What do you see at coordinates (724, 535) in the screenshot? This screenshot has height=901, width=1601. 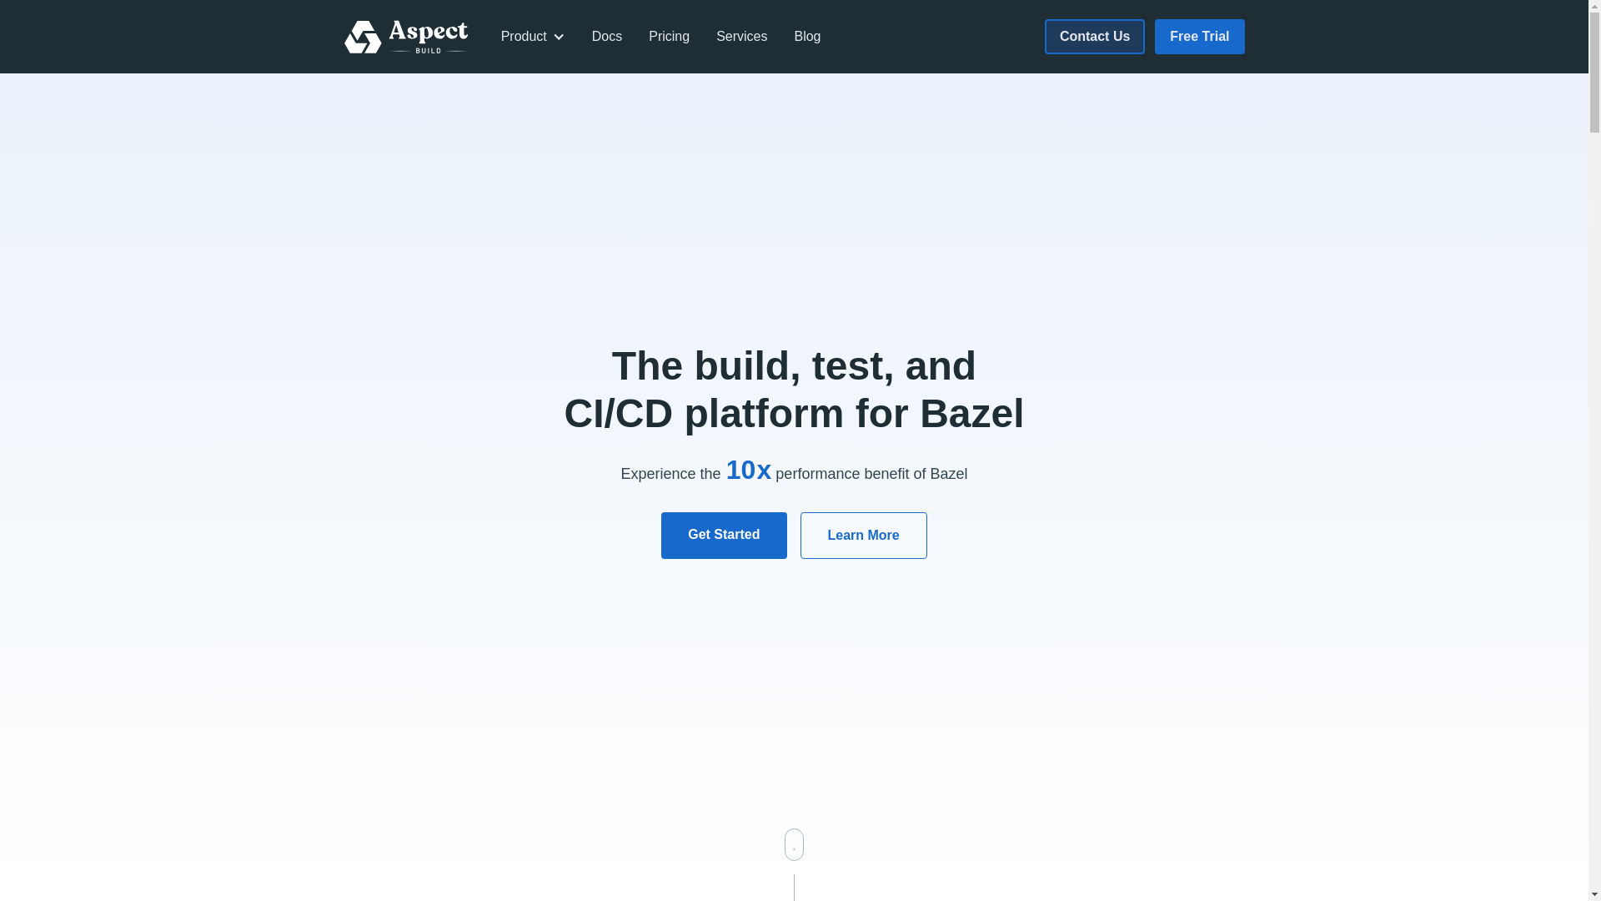 I see `'Get Started'` at bounding box center [724, 535].